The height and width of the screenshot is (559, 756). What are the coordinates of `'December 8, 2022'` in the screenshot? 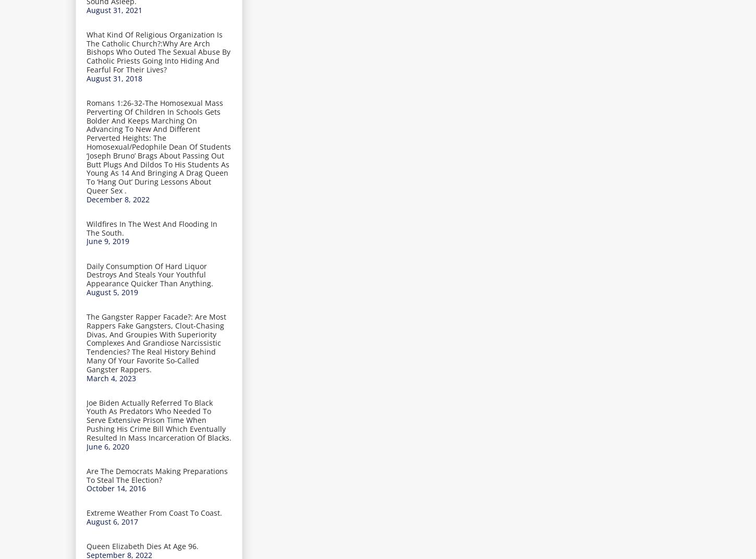 It's located at (117, 199).